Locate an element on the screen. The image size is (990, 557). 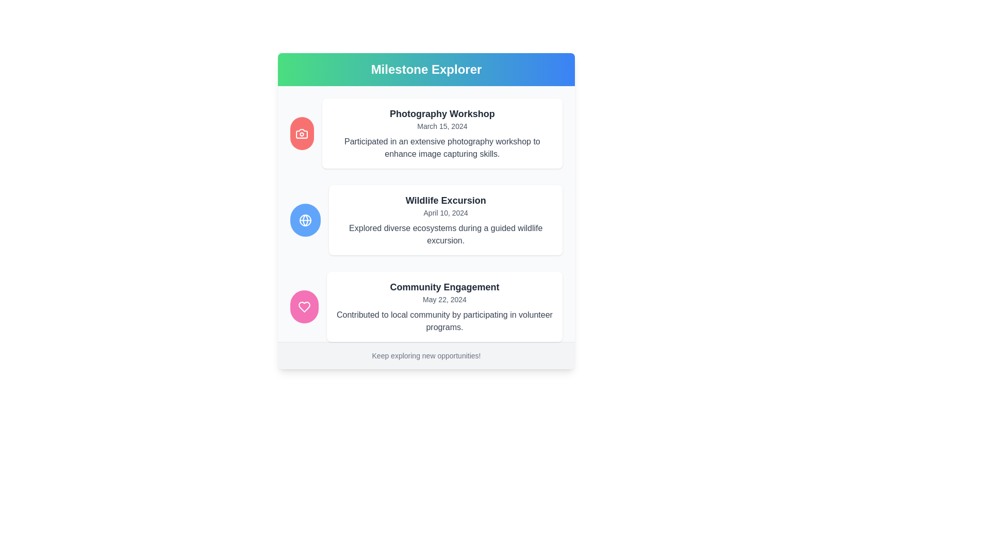
the camera icon with a red circular background located beside the title 'Photography Workshop' for content representation is located at coordinates (301, 133).